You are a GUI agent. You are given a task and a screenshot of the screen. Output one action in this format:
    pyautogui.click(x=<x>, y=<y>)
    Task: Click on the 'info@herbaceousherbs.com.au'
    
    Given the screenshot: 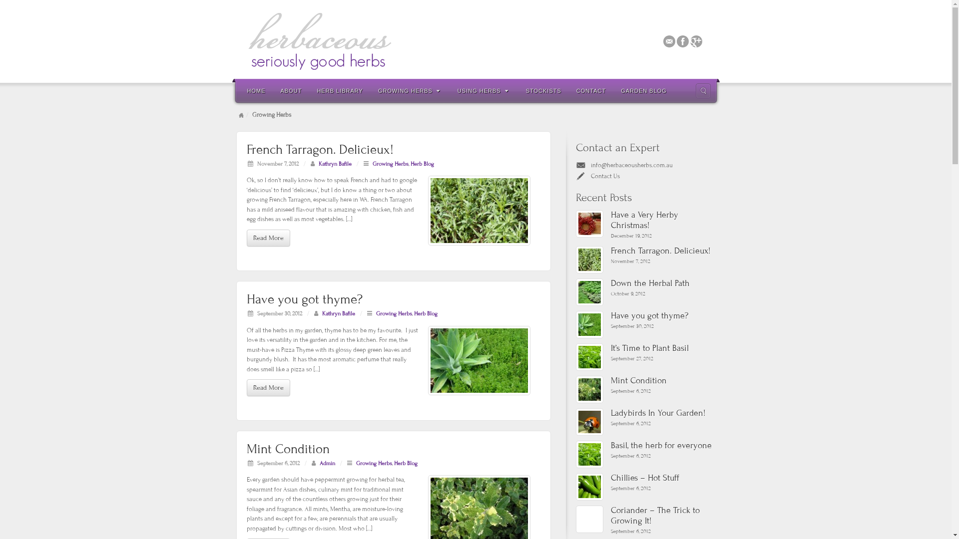 What is the action you would take?
    pyautogui.click(x=590, y=165)
    